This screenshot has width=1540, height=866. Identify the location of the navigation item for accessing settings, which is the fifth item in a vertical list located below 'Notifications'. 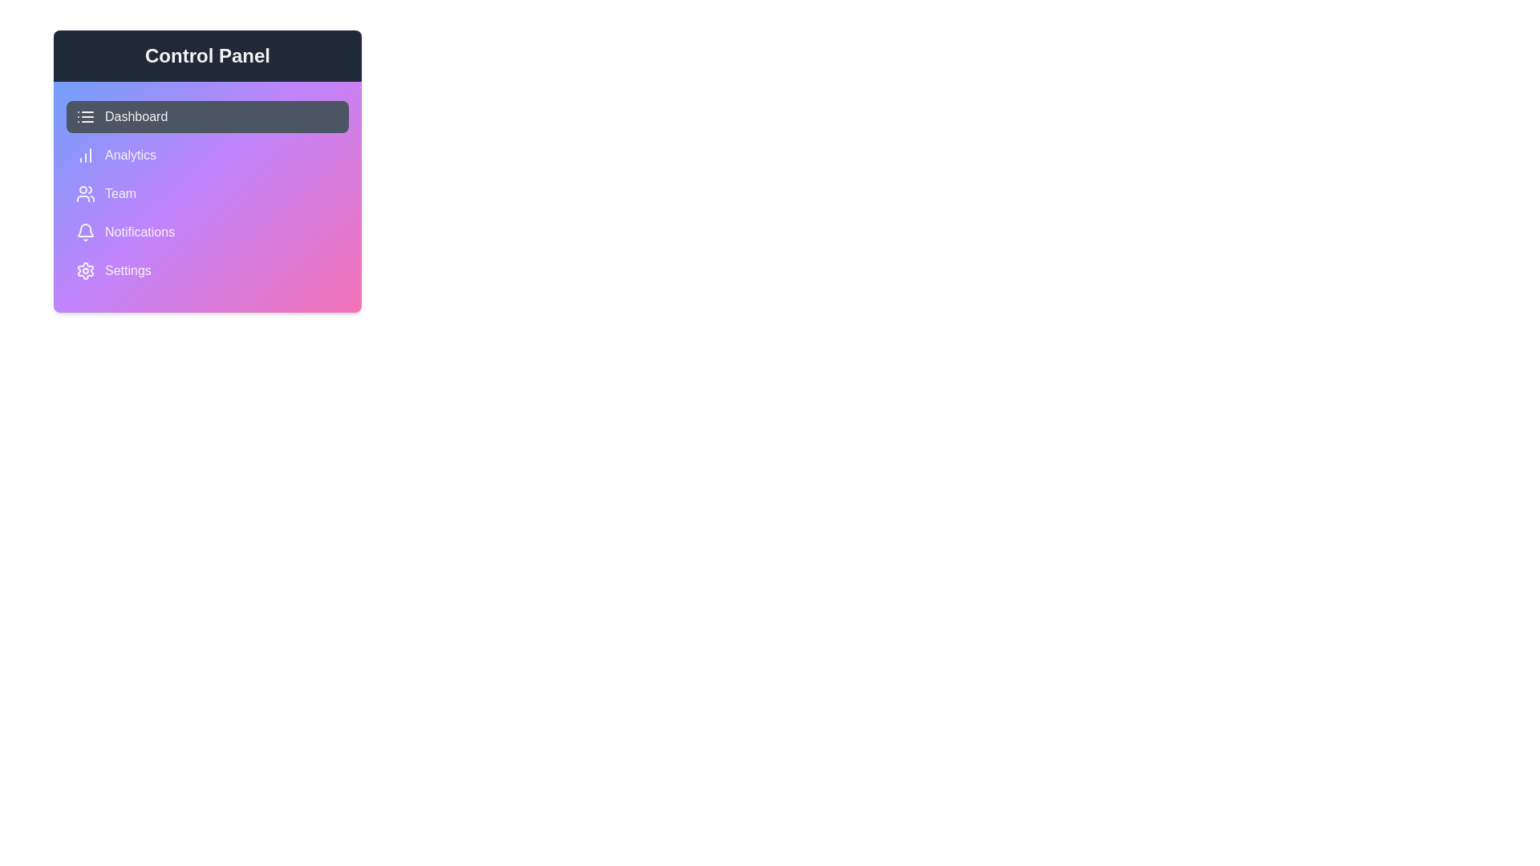
(207, 270).